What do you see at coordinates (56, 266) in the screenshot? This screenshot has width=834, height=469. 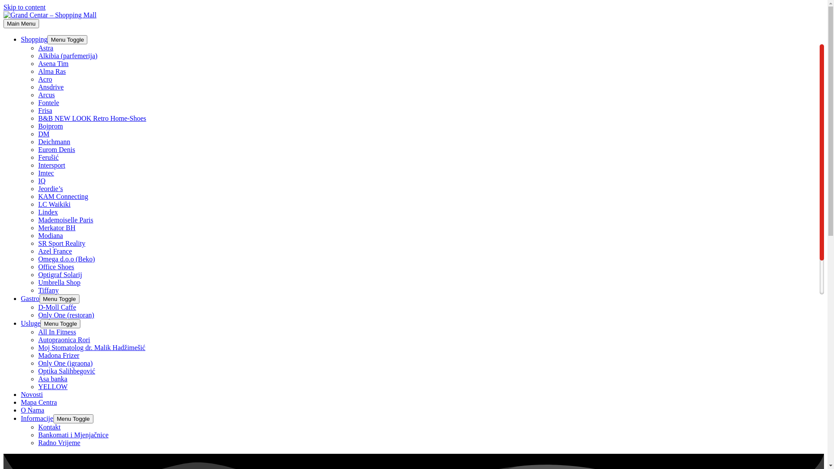 I see `'Office Shoes'` at bounding box center [56, 266].